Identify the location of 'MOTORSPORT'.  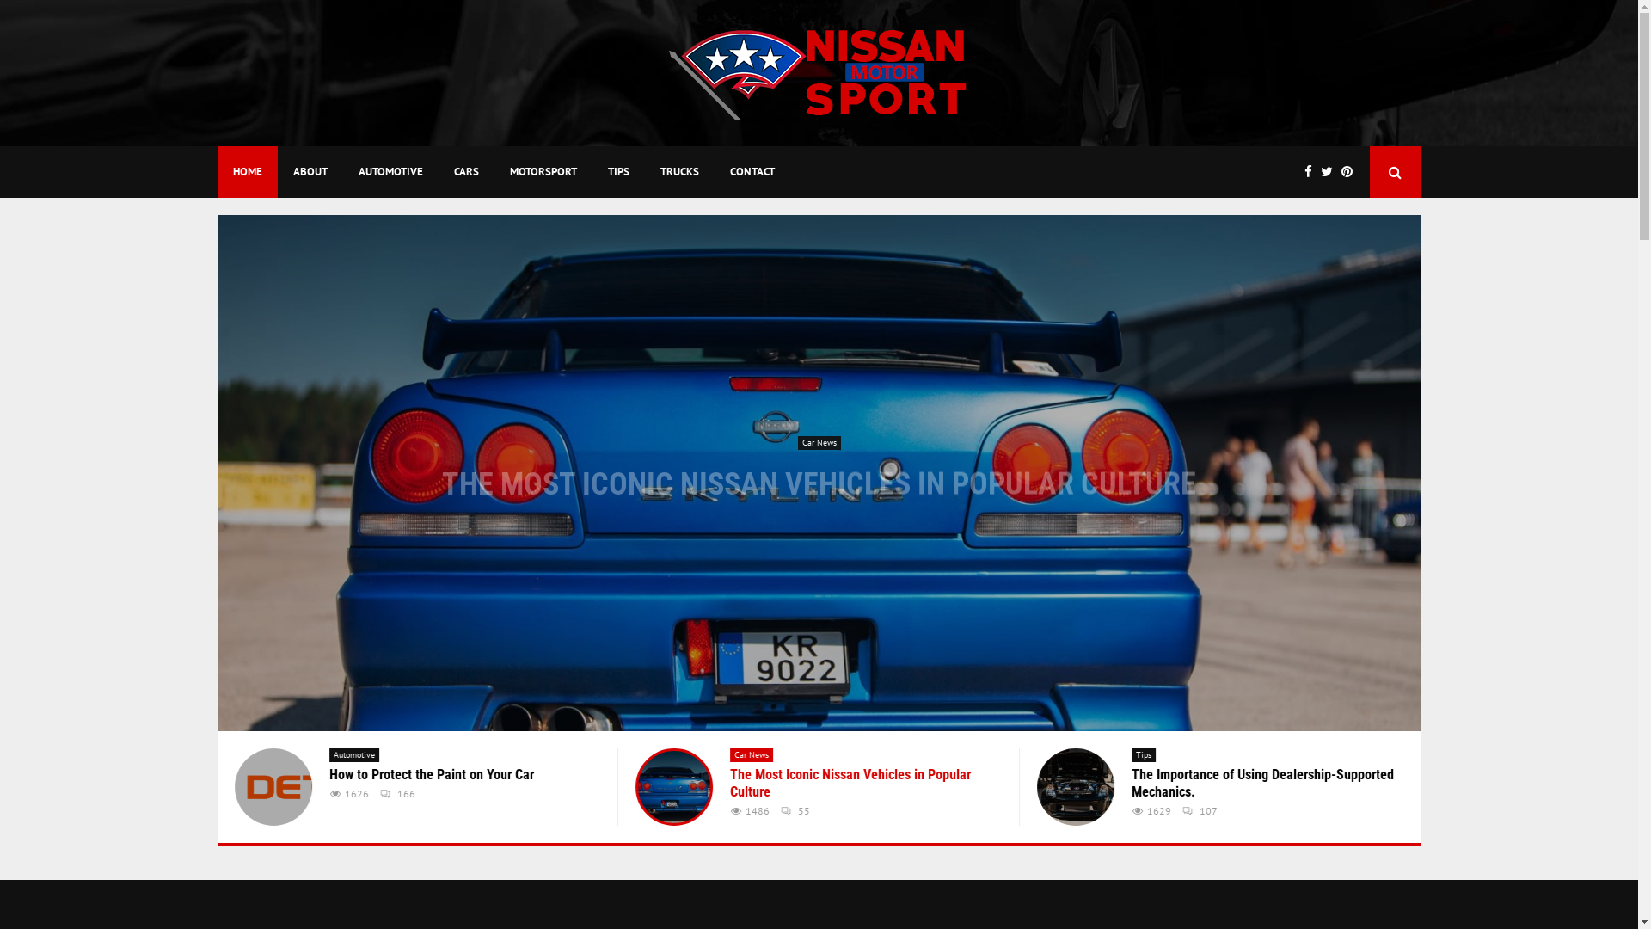
(493, 172).